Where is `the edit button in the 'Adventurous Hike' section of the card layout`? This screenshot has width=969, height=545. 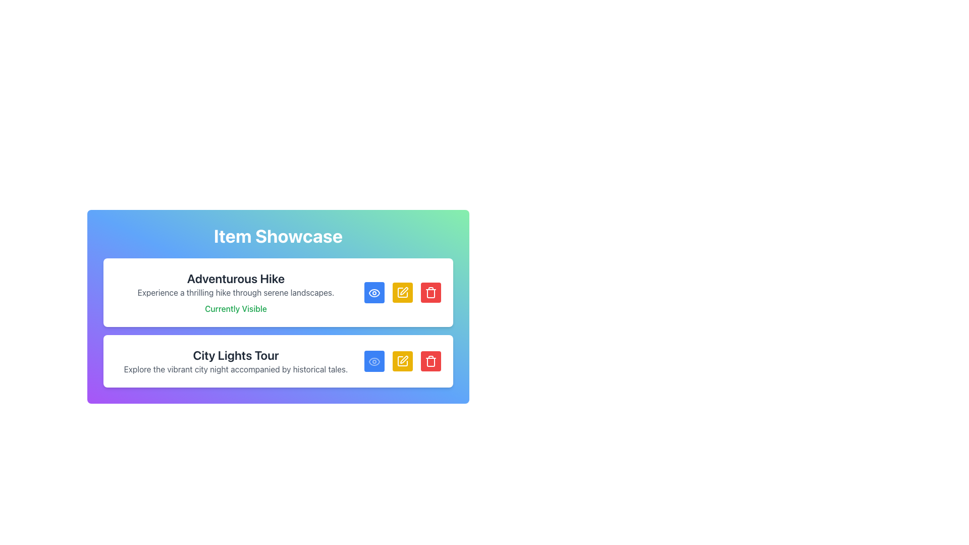
the edit button in the 'Adventurous Hike' section of the card layout is located at coordinates (402, 292).